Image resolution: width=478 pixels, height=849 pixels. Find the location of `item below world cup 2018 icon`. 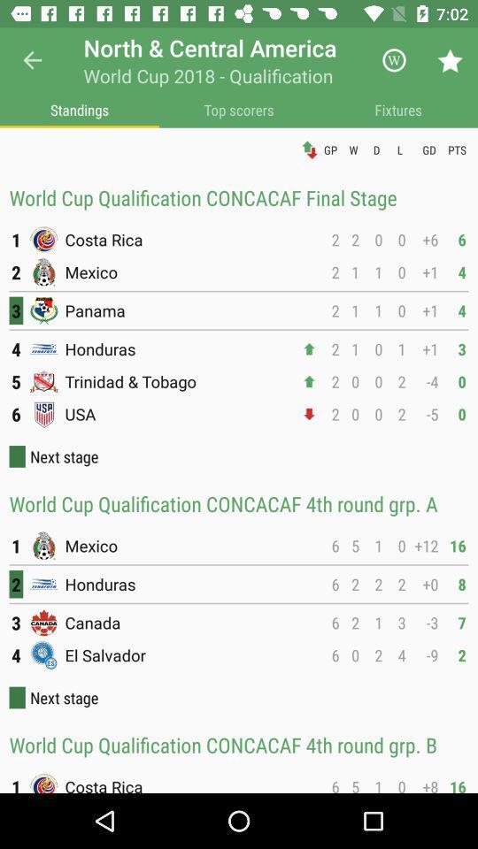

item below world cup 2018 icon is located at coordinates (239, 109).